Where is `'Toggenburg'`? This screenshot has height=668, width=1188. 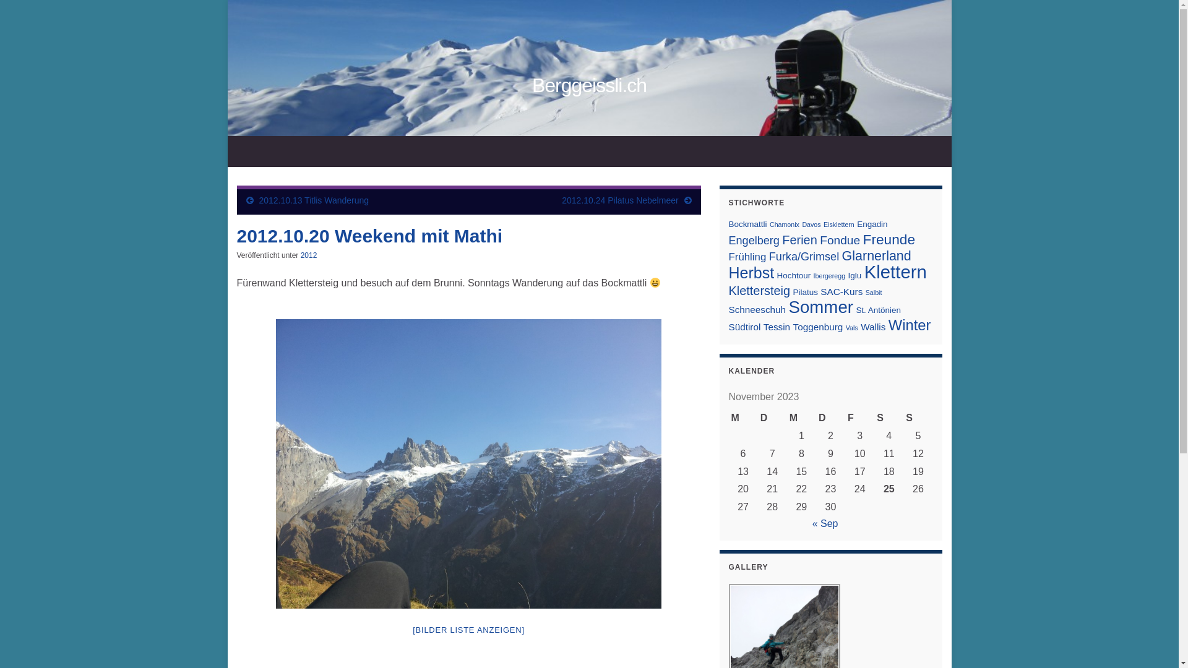
'Toggenburg' is located at coordinates (818, 326).